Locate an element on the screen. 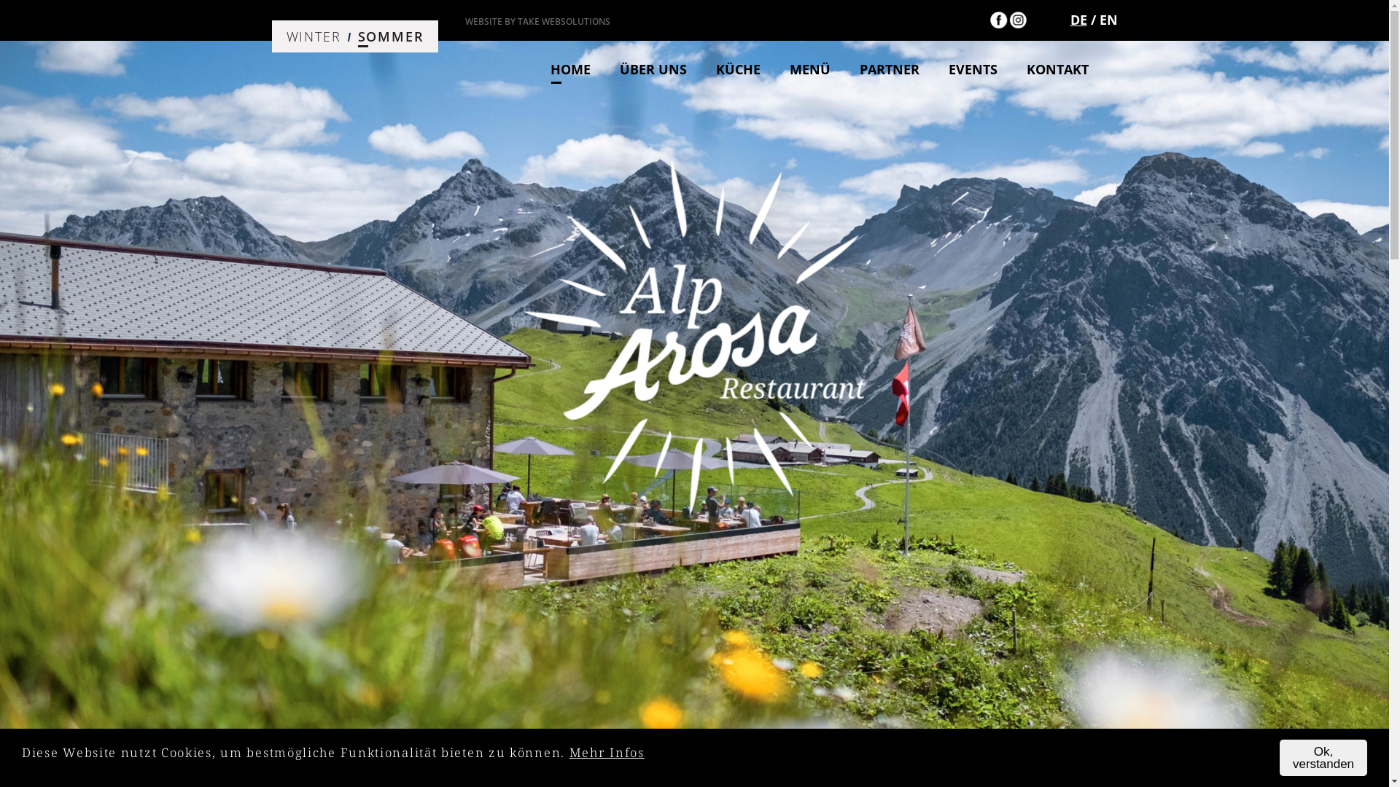 This screenshot has height=787, width=1400. 'EVENTS' is located at coordinates (987, 69).